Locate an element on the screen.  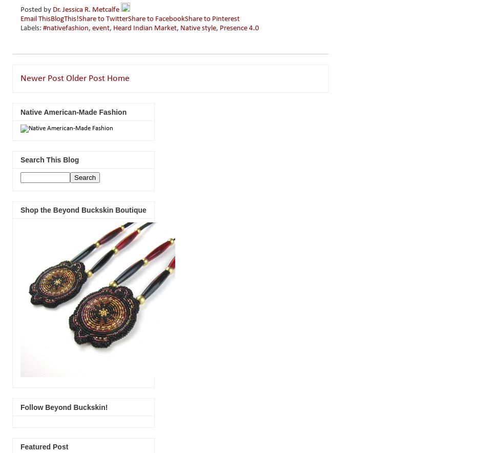
'Native American-Made Fashion' is located at coordinates (73, 111).